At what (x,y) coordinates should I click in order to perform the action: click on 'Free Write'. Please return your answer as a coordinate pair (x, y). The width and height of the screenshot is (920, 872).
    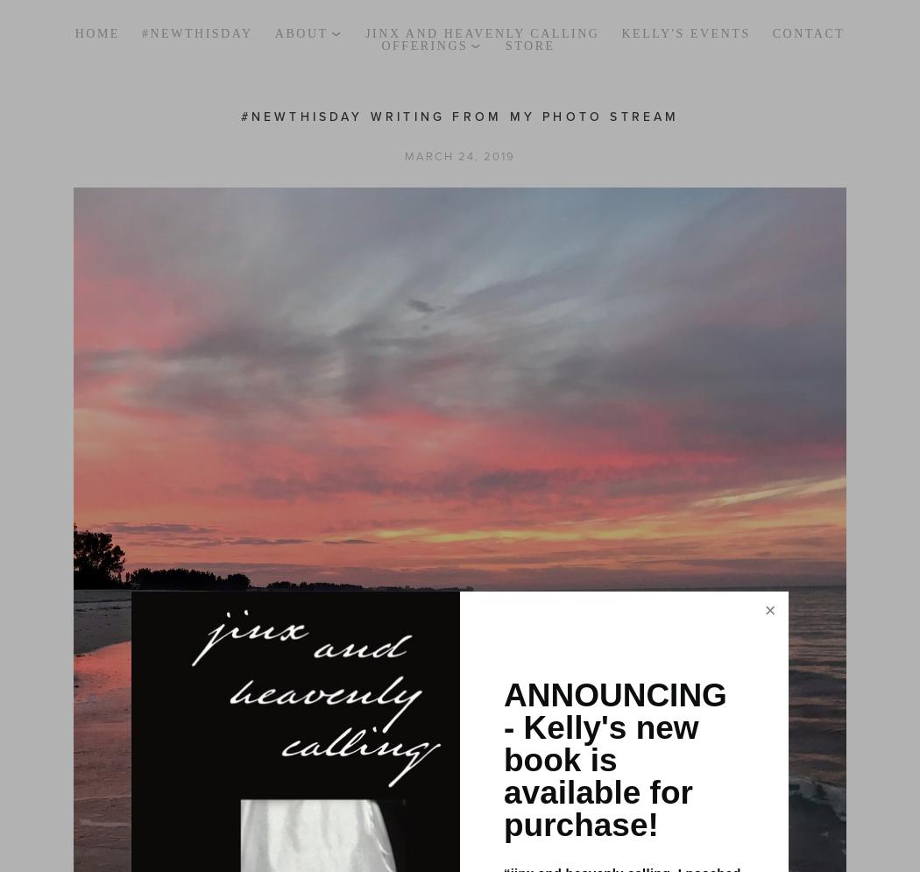
    Looking at the image, I should click on (428, 96).